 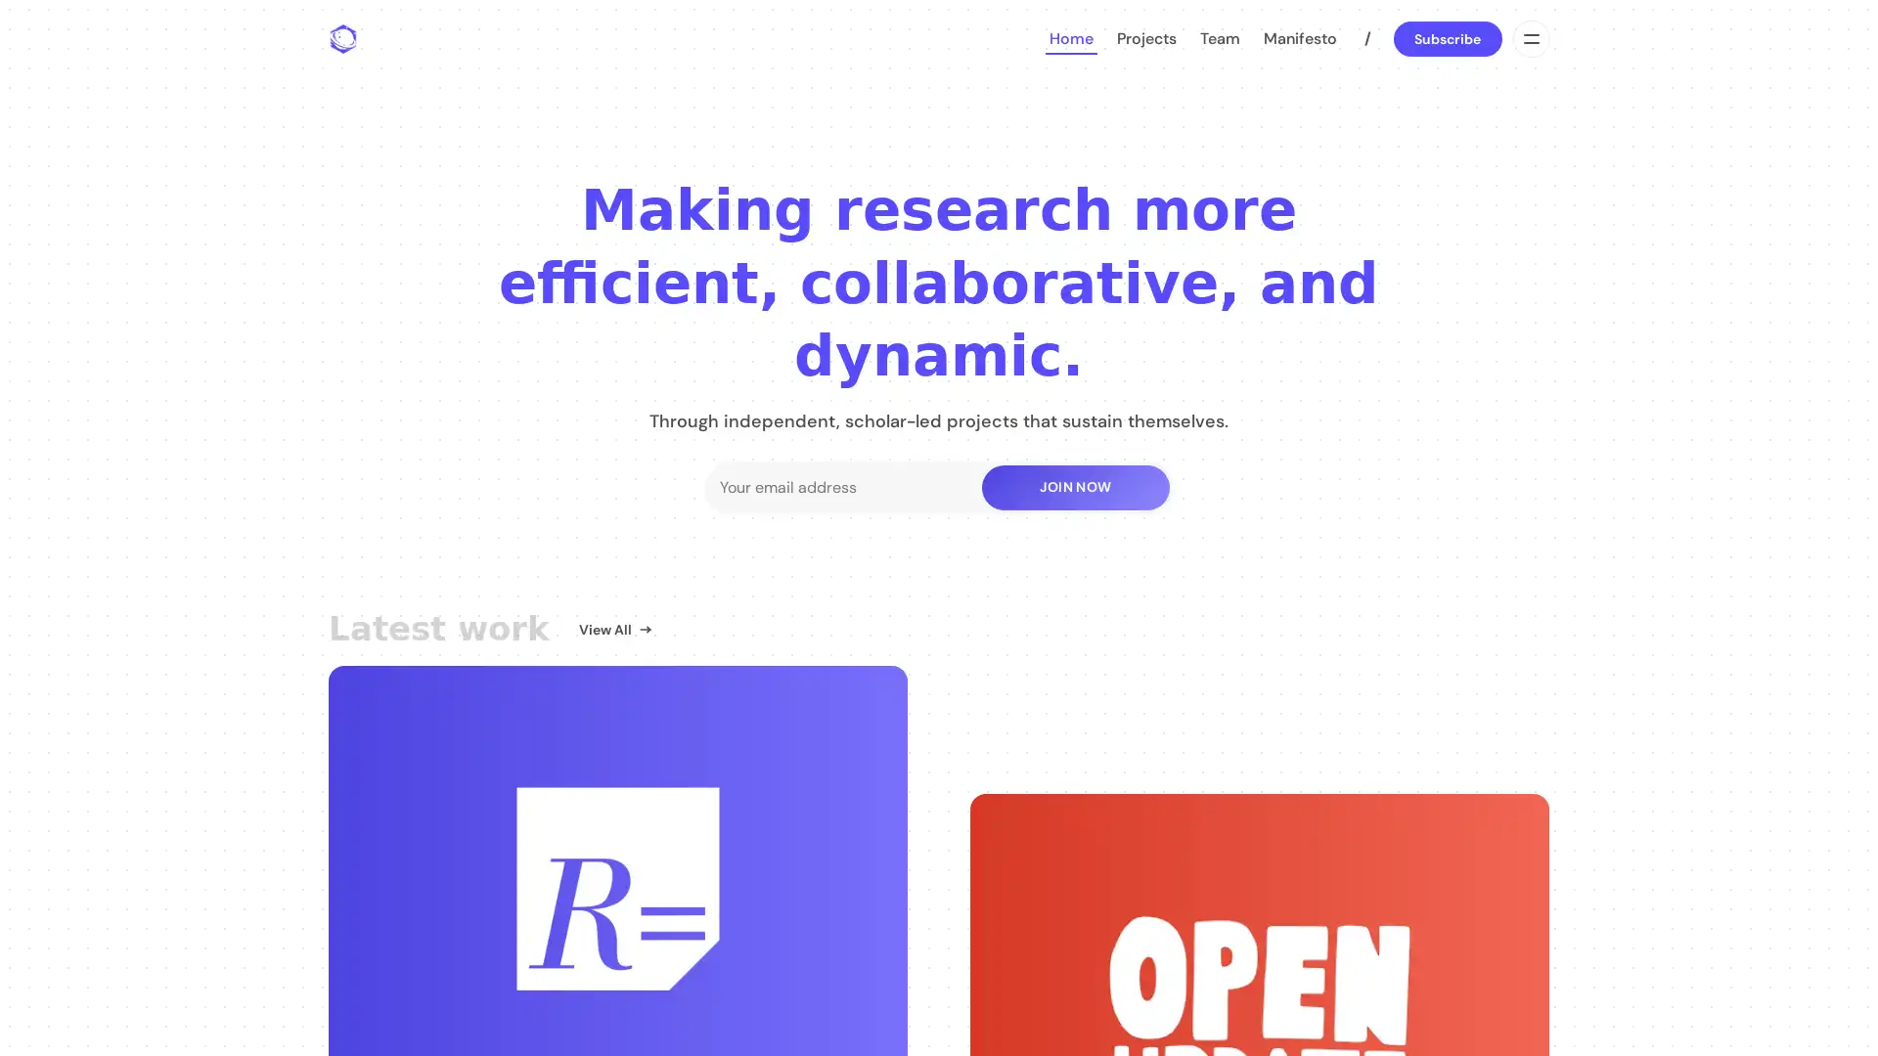 I want to click on JOIN NOW, so click(x=1074, y=485).